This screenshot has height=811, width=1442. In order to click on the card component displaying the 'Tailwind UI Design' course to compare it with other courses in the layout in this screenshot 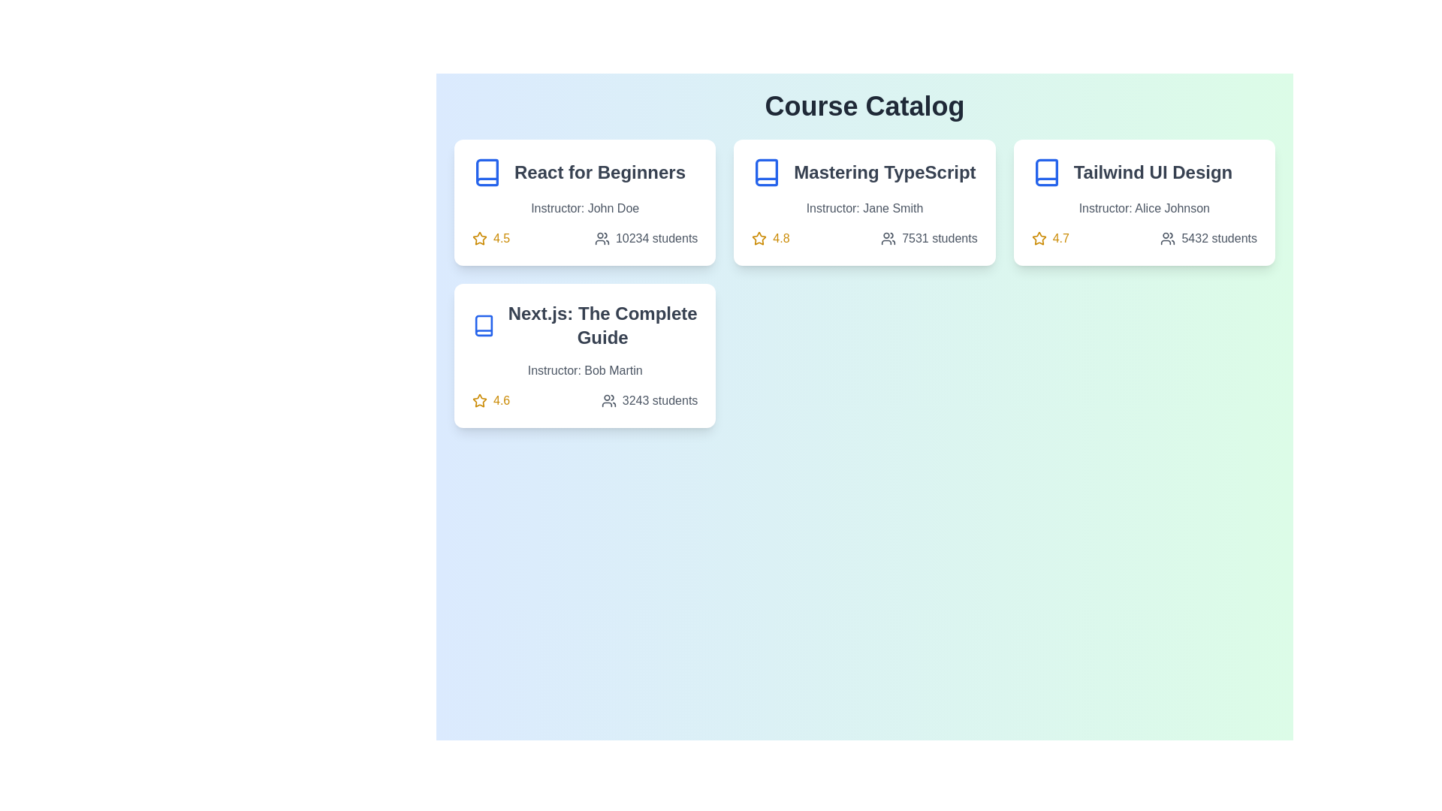, I will do `click(1143, 203)`.